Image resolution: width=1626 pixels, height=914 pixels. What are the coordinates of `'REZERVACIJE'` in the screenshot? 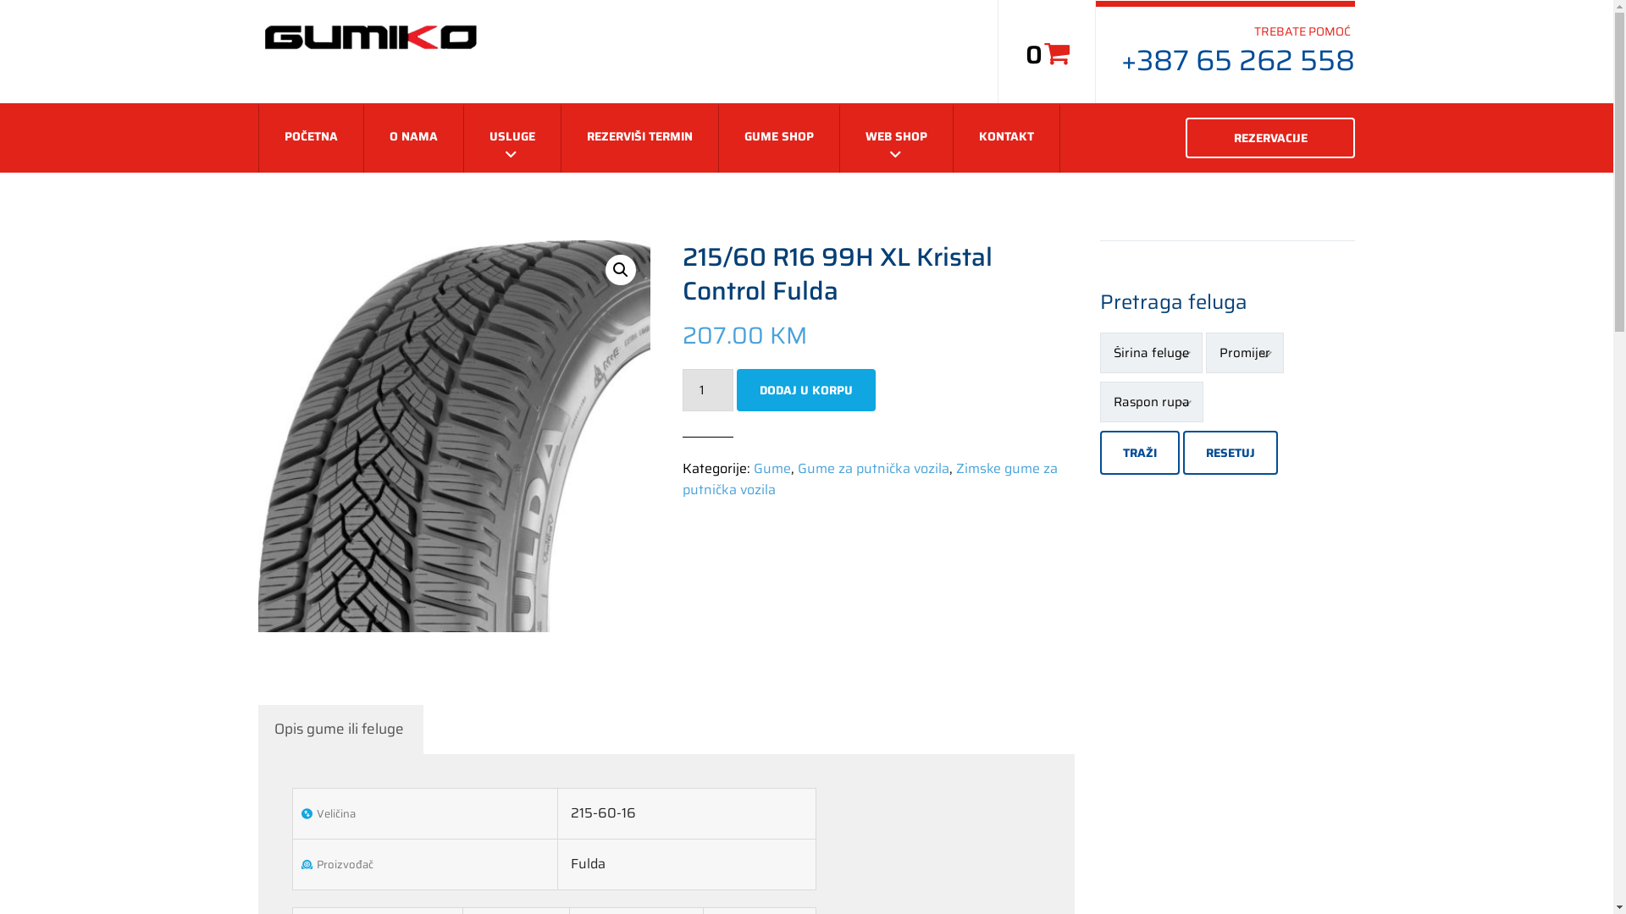 It's located at (1185, 136).